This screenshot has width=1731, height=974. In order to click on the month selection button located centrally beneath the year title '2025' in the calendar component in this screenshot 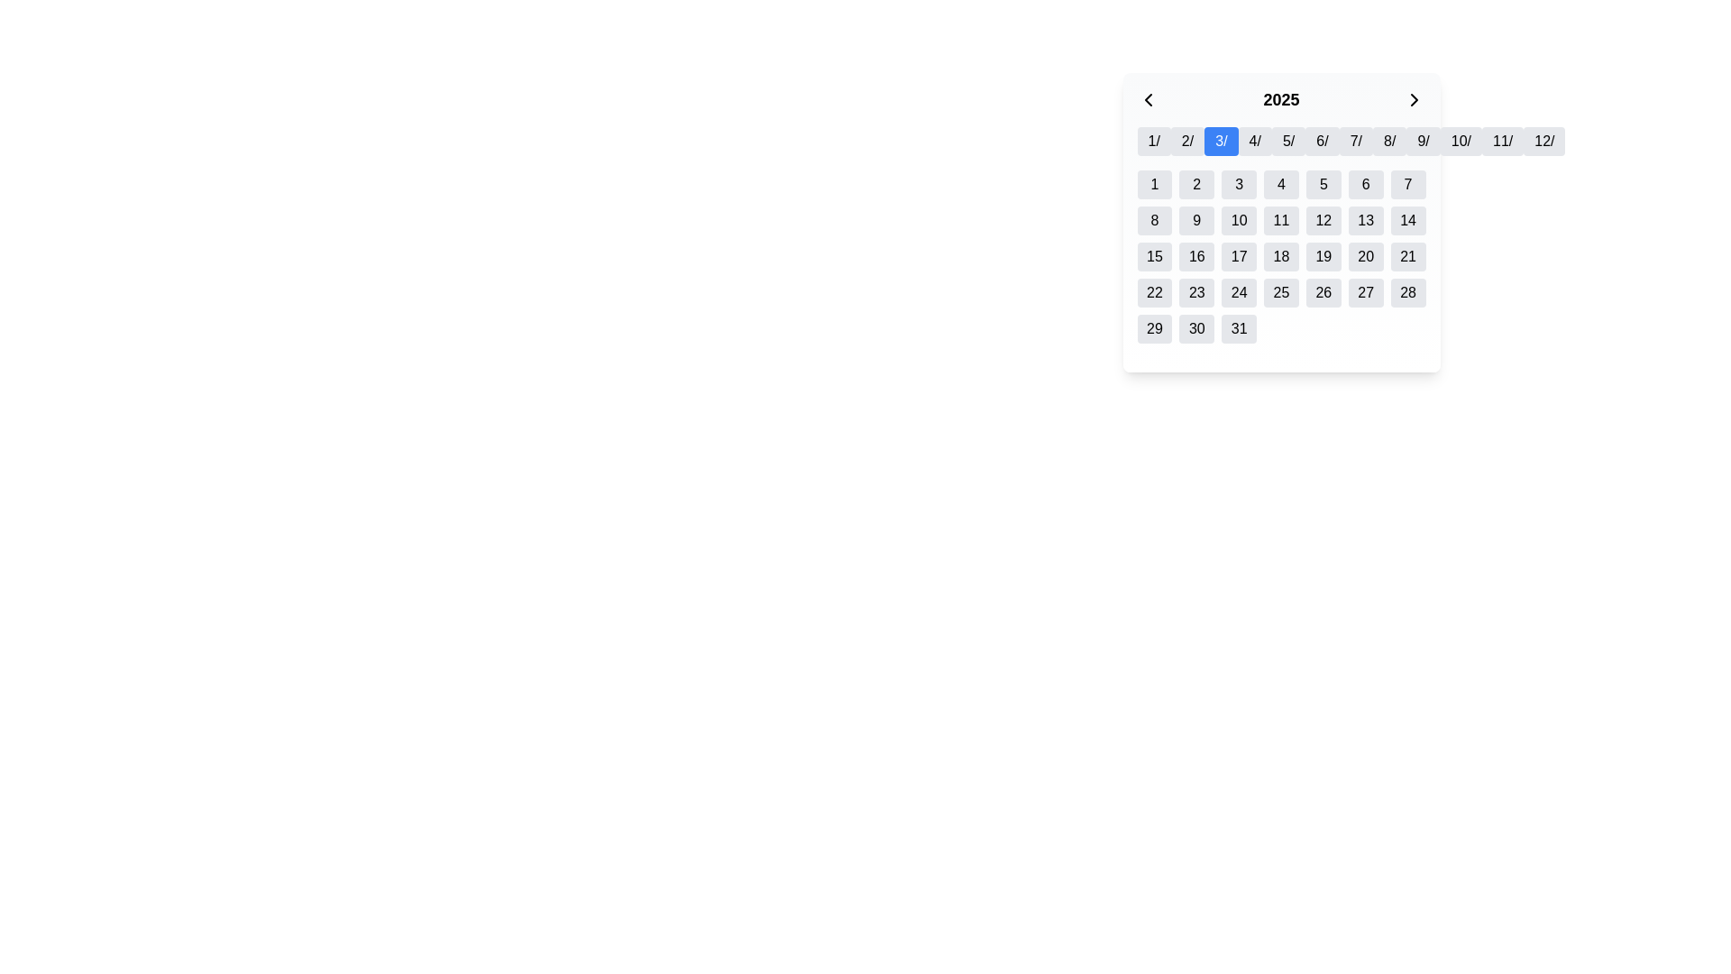, I will do `click(1280, 148)`.